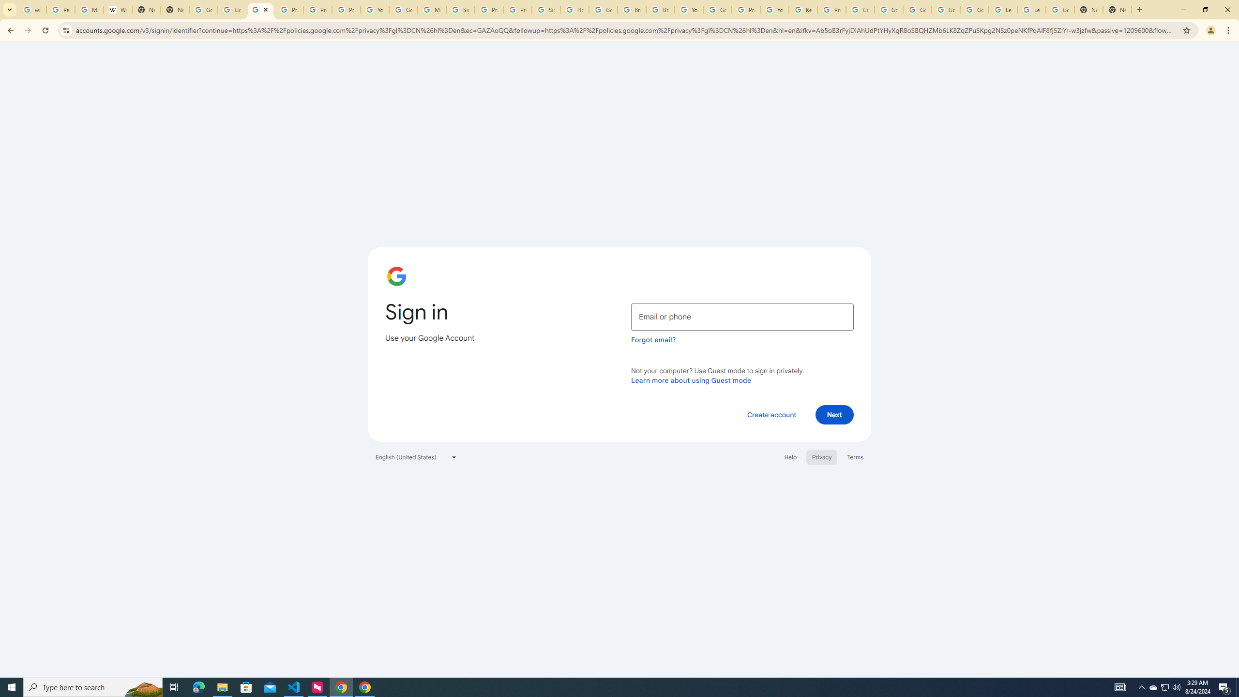 The width and height of the screenshot is (1239, 697). Describe the element at coordinates (416, 456) in the screenshot. I see `'English (United States)'` at that location.